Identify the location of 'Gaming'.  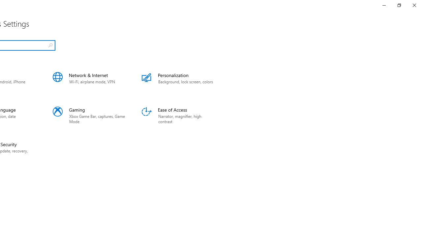
(89, 115).